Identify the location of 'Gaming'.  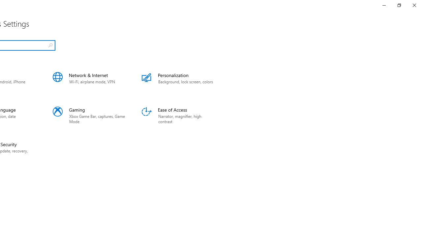
(89, 115).